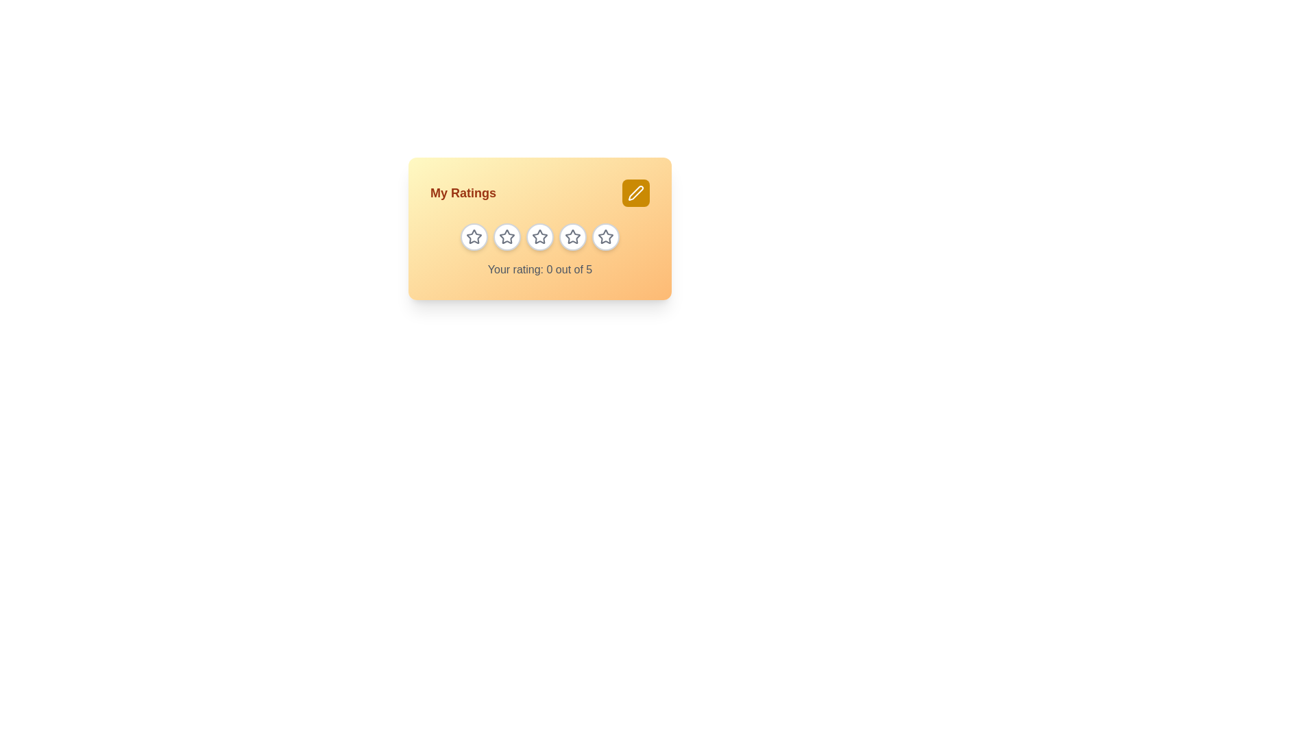 The image size is (1316, 740). Describe the element at coordinates (635, 193) in the screenshot. I see `the edit button located in the top-right corner of the 'My Ratings' section` at that location.